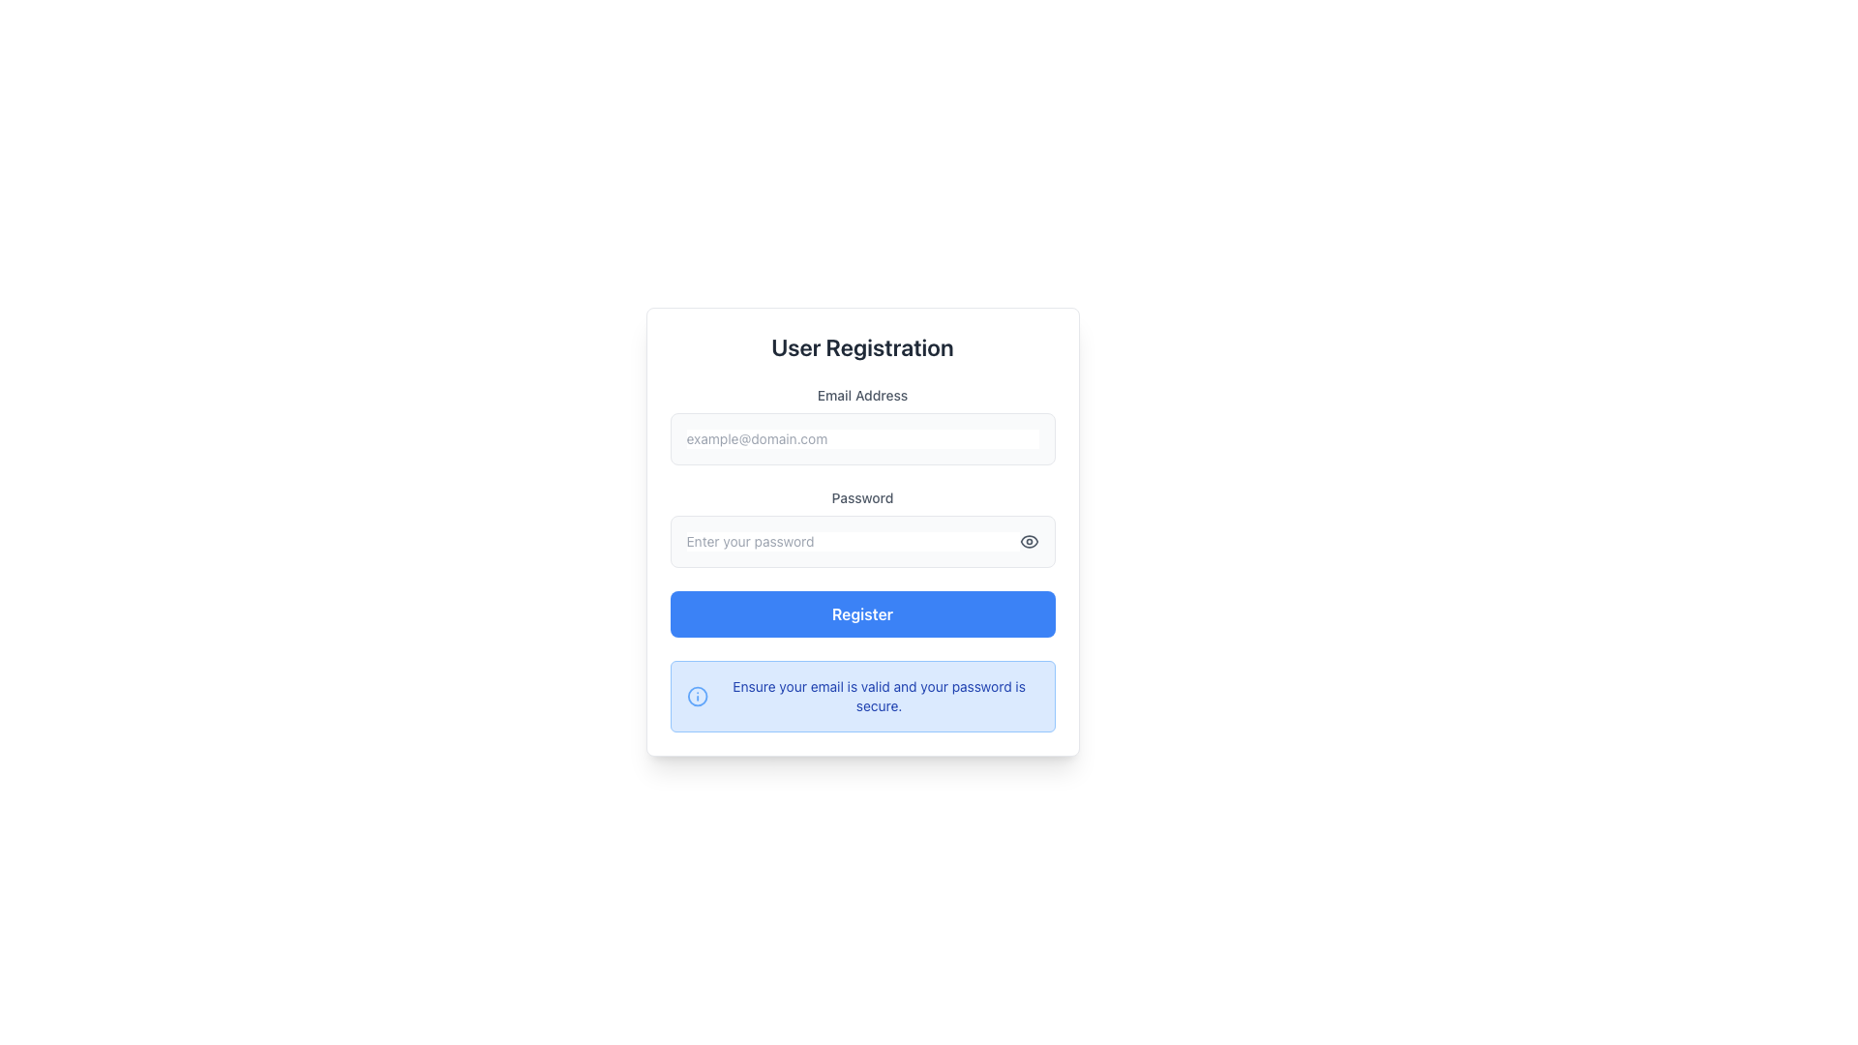  I want to click on the prominent blue 'Register' button with white text, located near the bottom of the user registration form, to observe interactive feedback, so click(861, 614).